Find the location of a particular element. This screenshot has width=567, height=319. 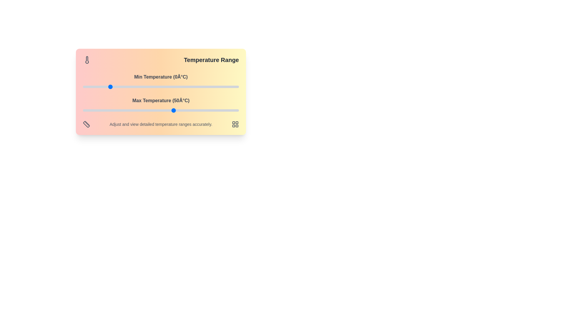

the maximum temperature slider to 92°C is located at coordinates (228, 110).